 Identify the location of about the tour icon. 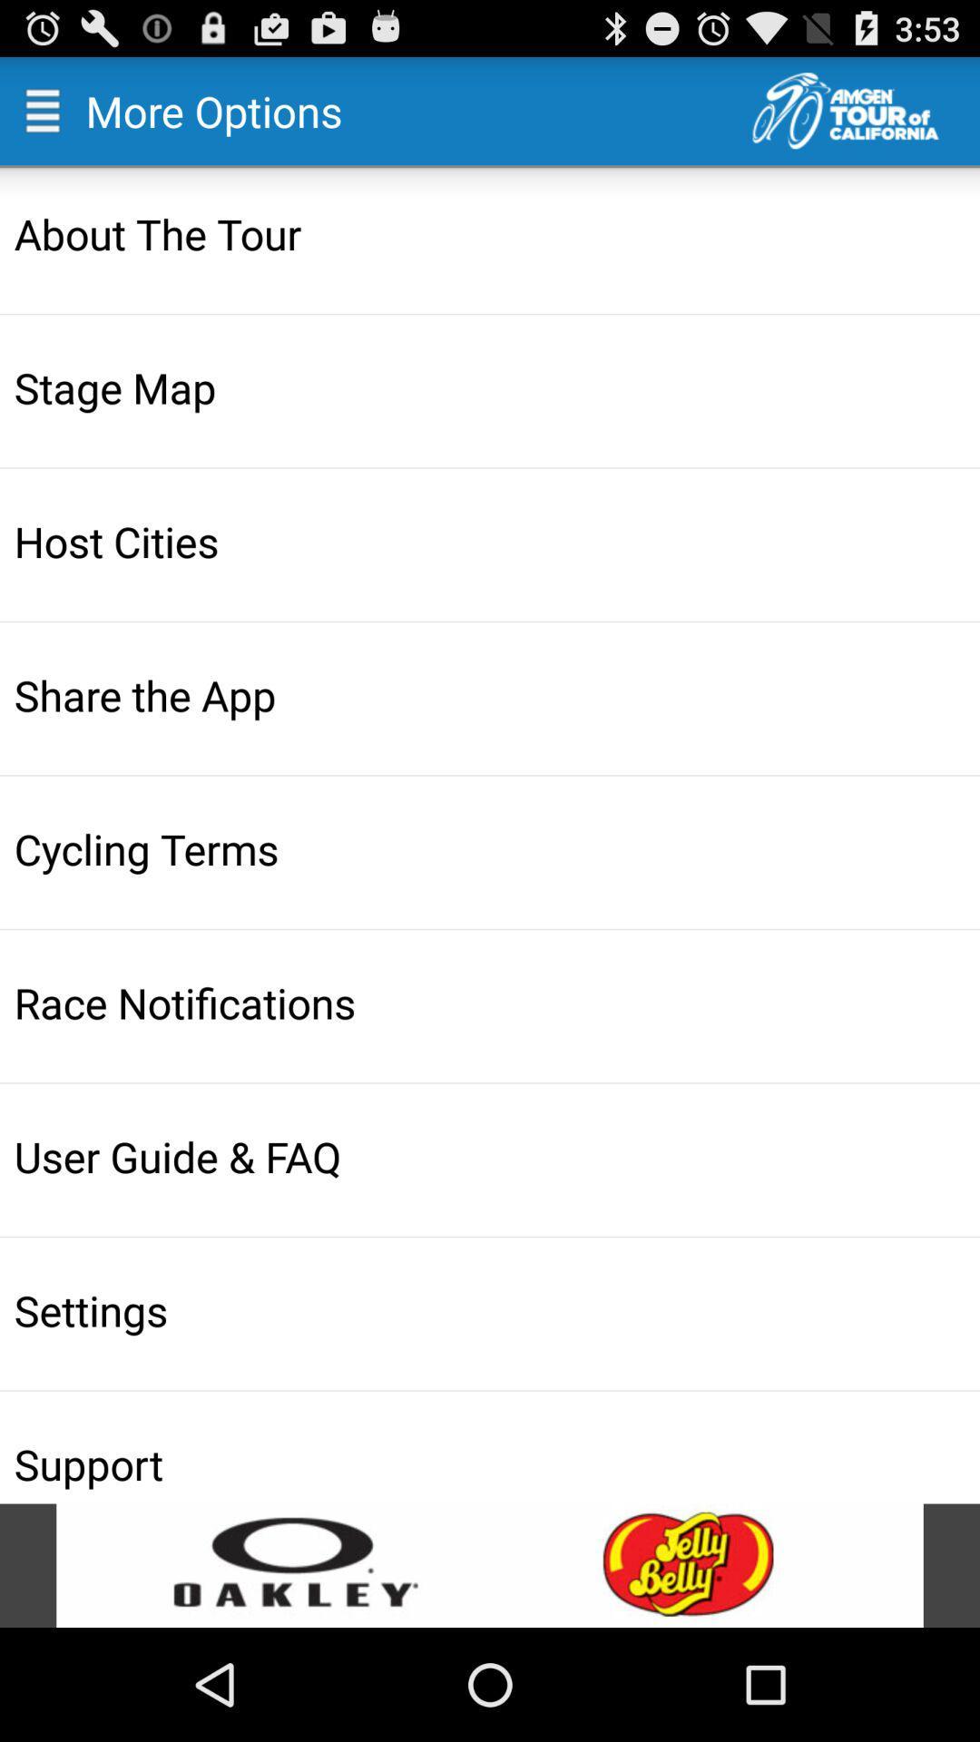
(492, 232).